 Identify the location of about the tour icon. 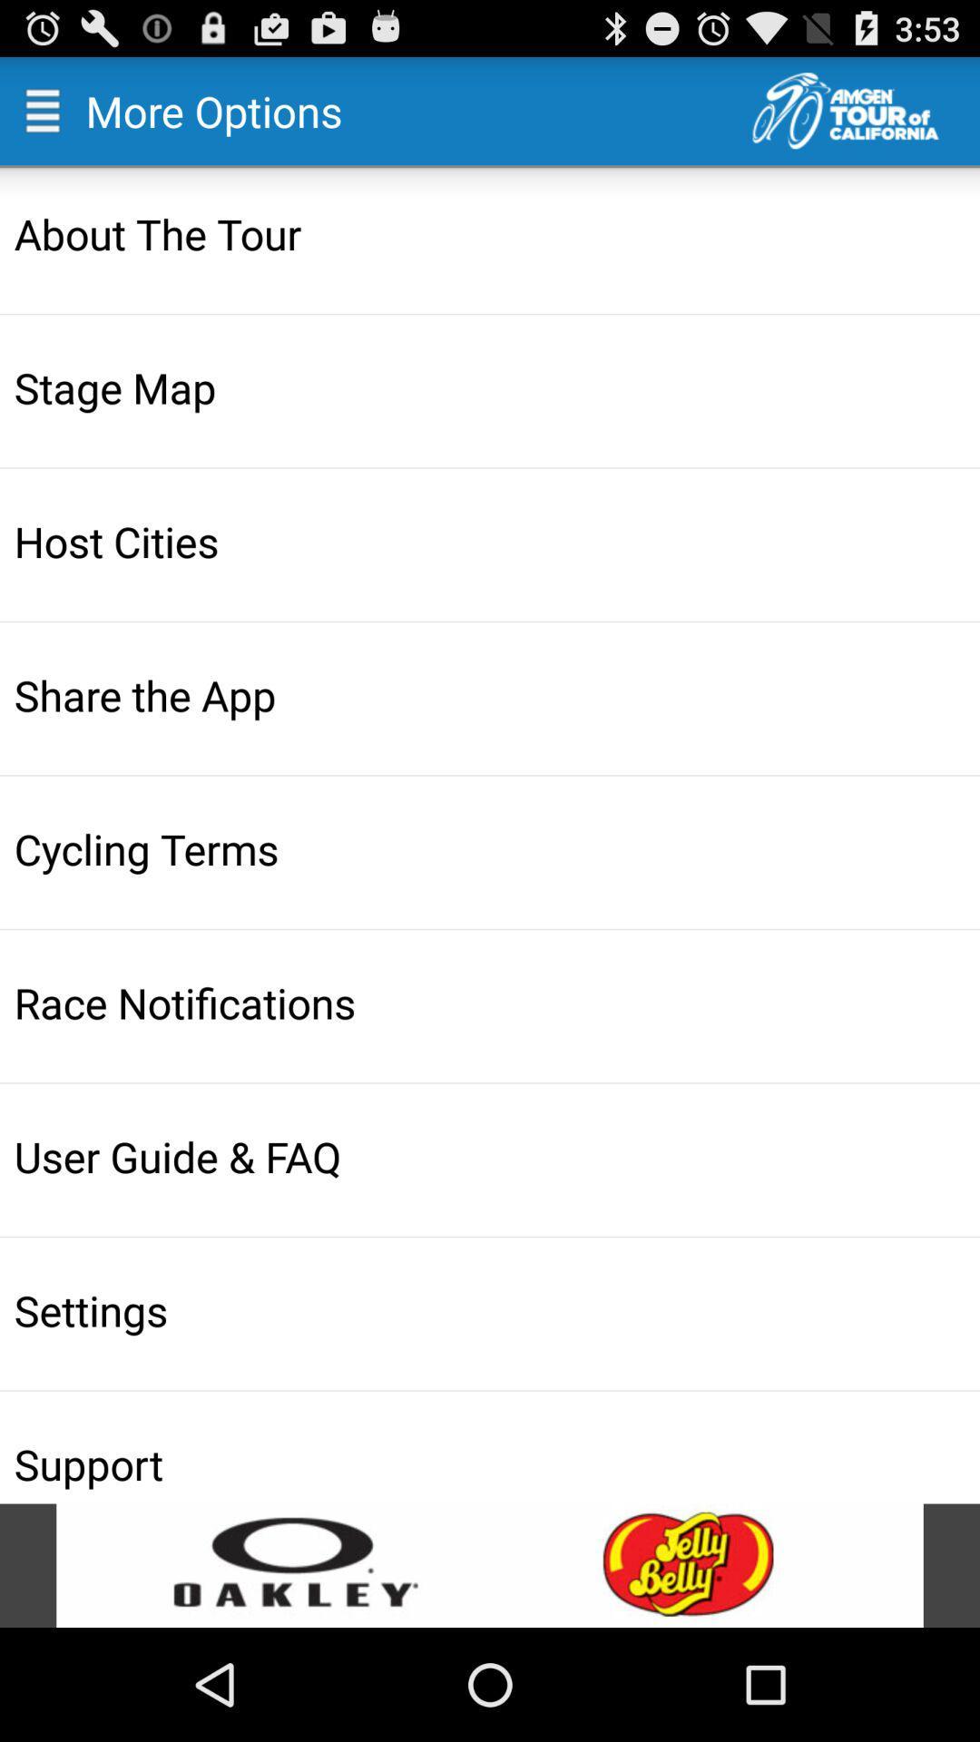
(492, 232).